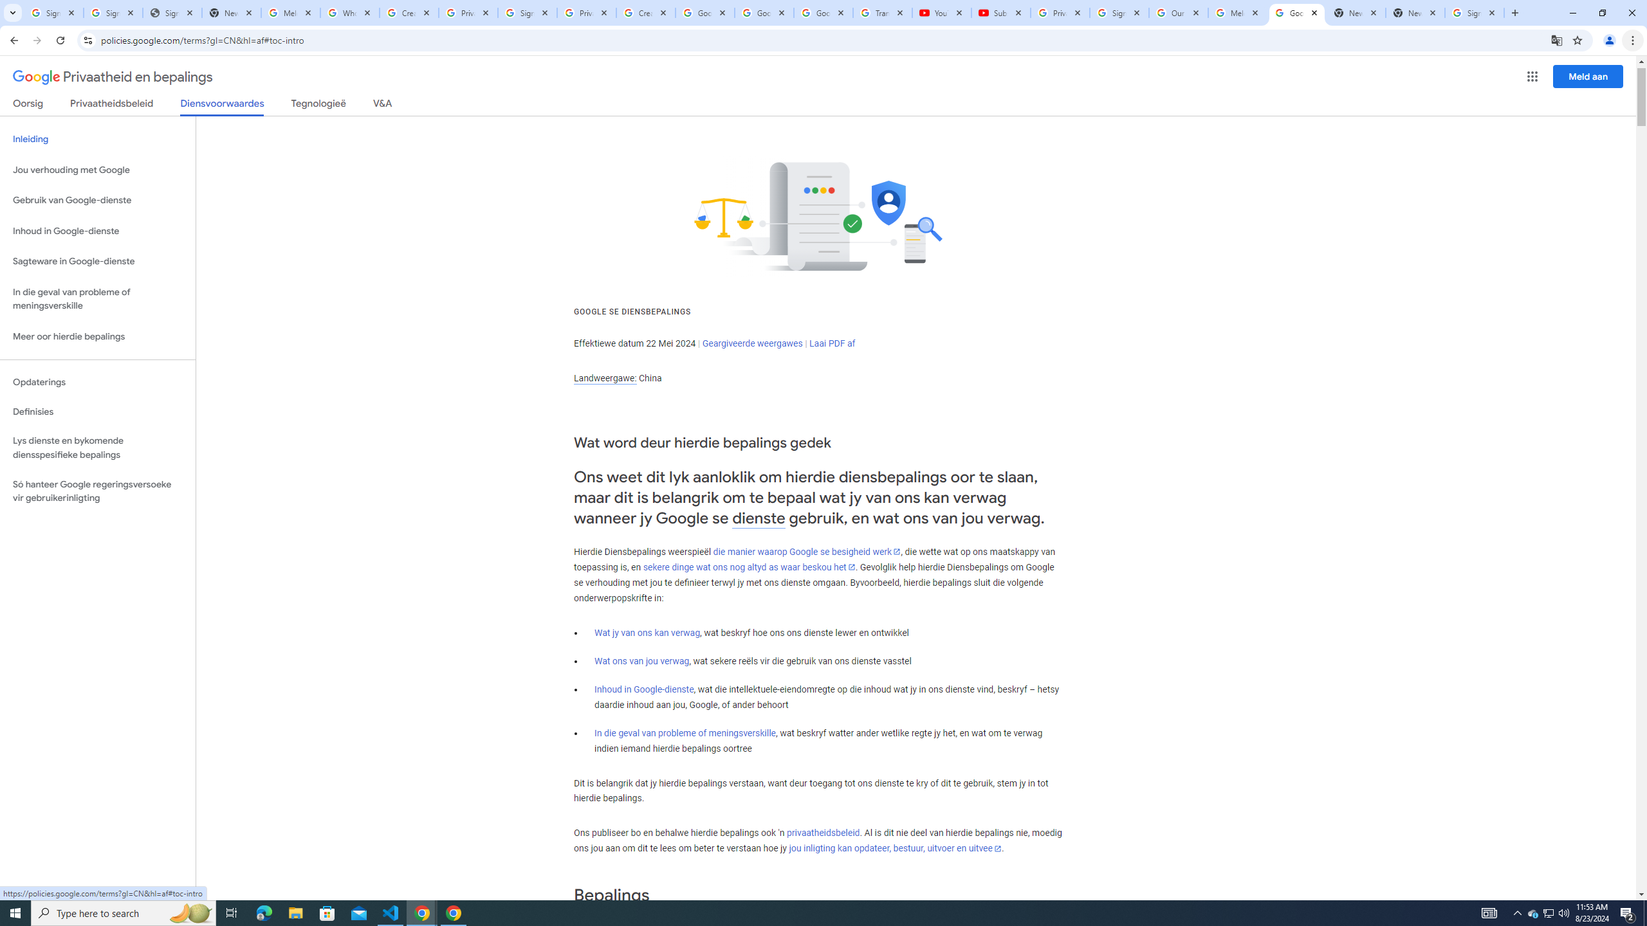 Image resolution: width=1647 pixels, height=926 pixels. I want to click on 'Wat jy van ons kan verwag', so click(647, 633).